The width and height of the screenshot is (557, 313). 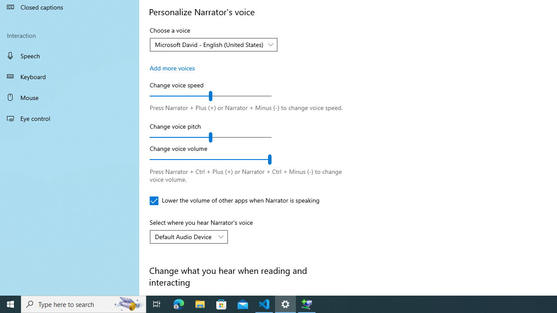 I want to click on 'Change voice speed', so click(x=211, y=96).